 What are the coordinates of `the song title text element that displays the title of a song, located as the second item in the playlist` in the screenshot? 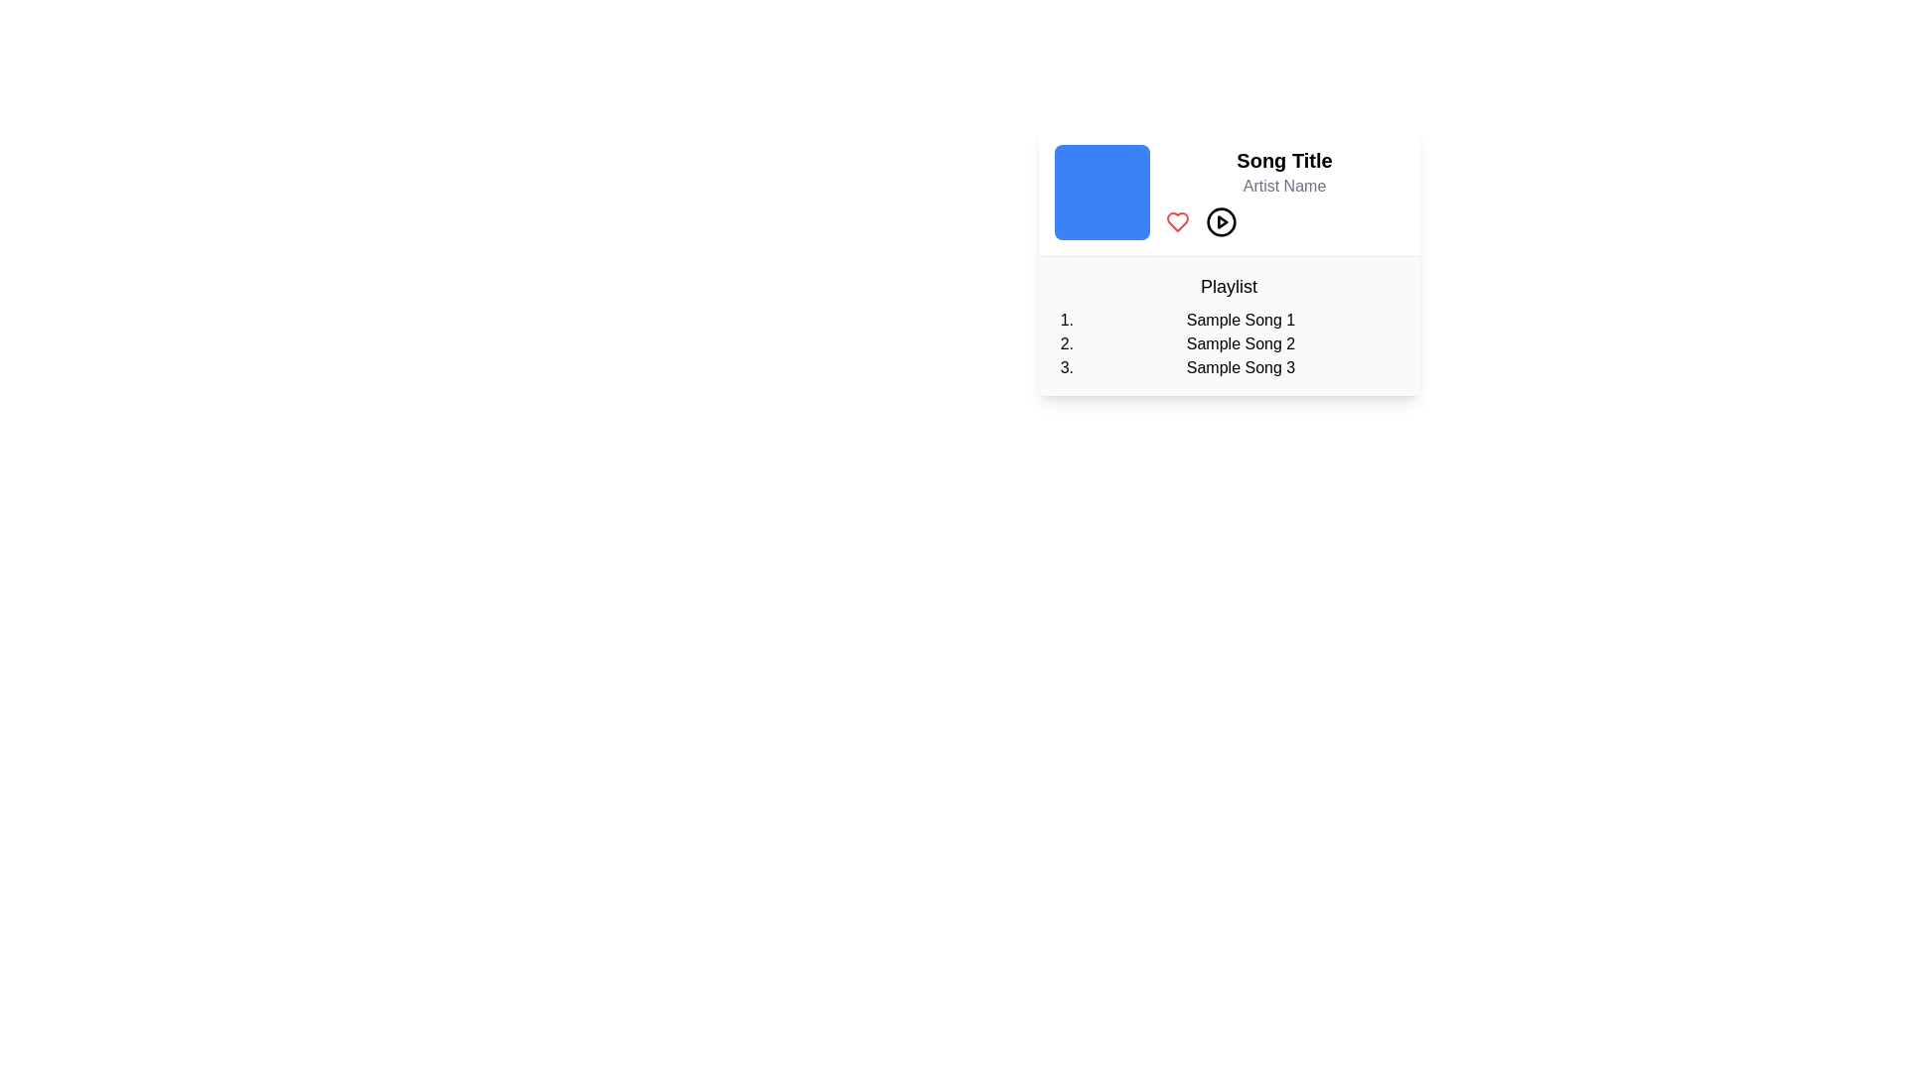 It's located at (1240, 343).